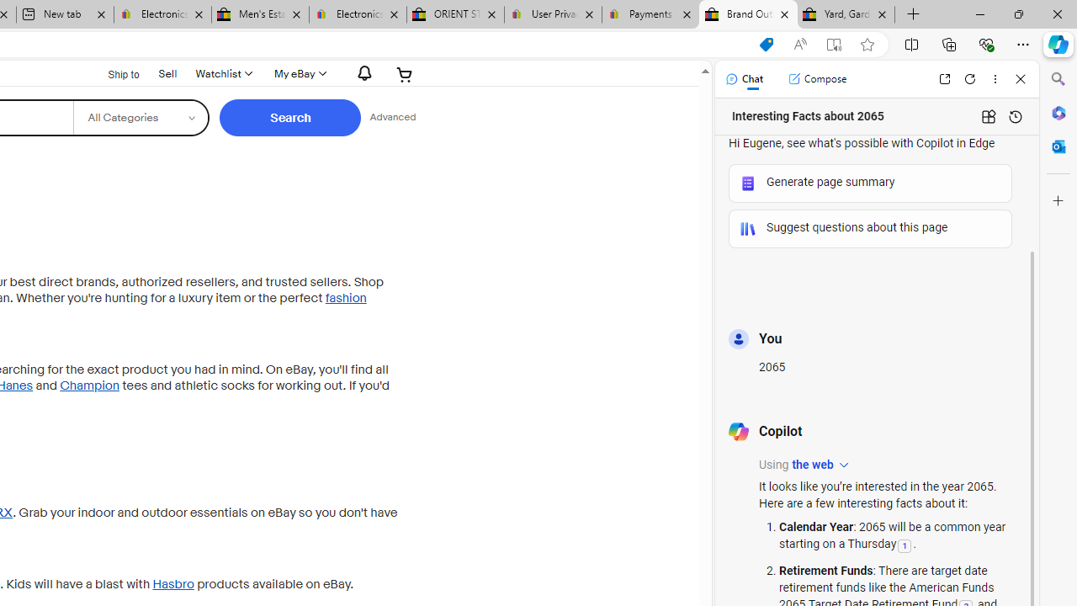 This screenshot has height=606, width=1077. What do you see at coordinates (112, 72) in the screenshot?
I see `'Ship to'` at bounding box center [112, 72].